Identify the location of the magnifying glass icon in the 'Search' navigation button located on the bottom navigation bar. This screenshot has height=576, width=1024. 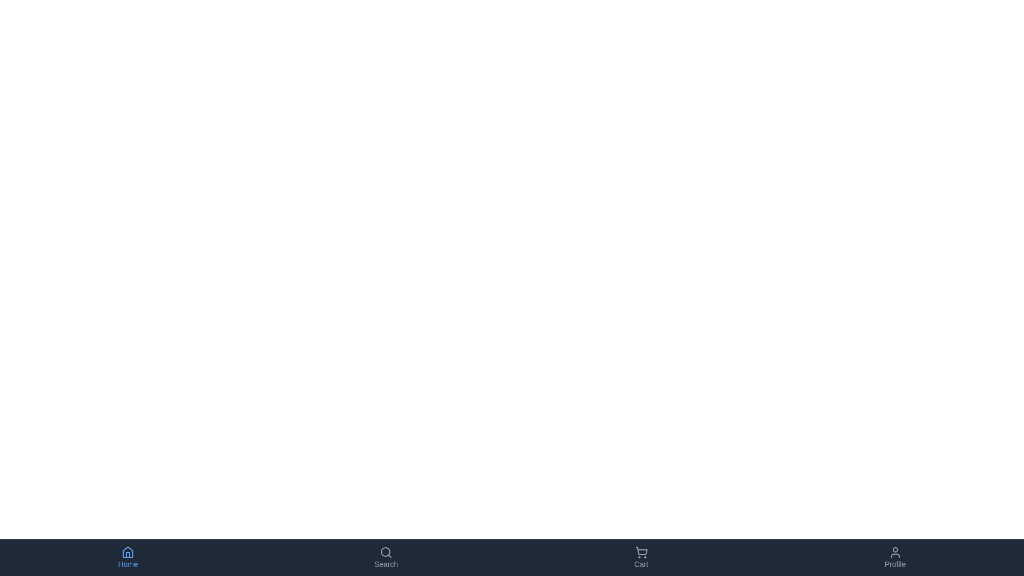
(386, 552).